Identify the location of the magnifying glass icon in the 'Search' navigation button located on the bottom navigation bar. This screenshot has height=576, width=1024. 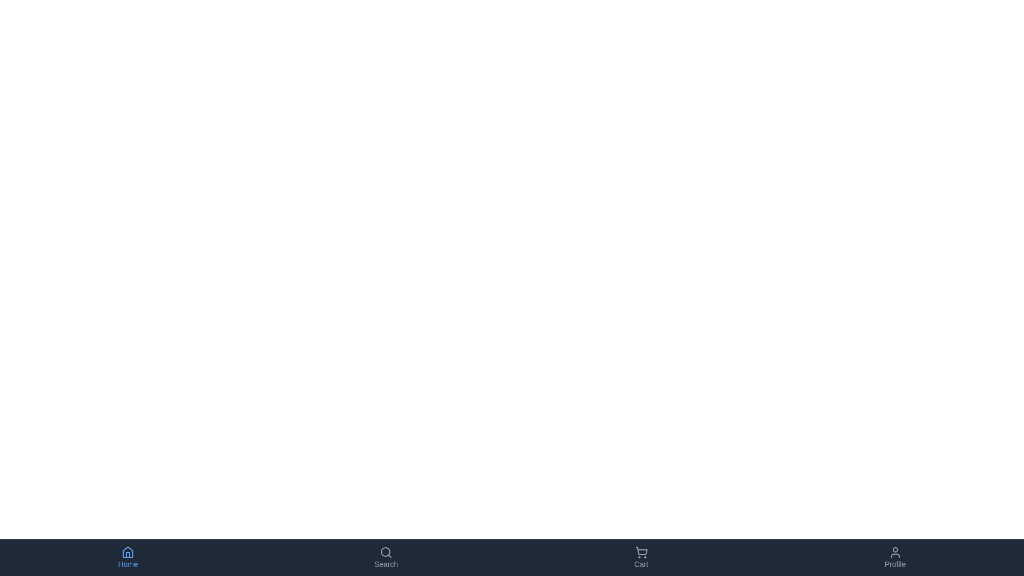
(386, 552).